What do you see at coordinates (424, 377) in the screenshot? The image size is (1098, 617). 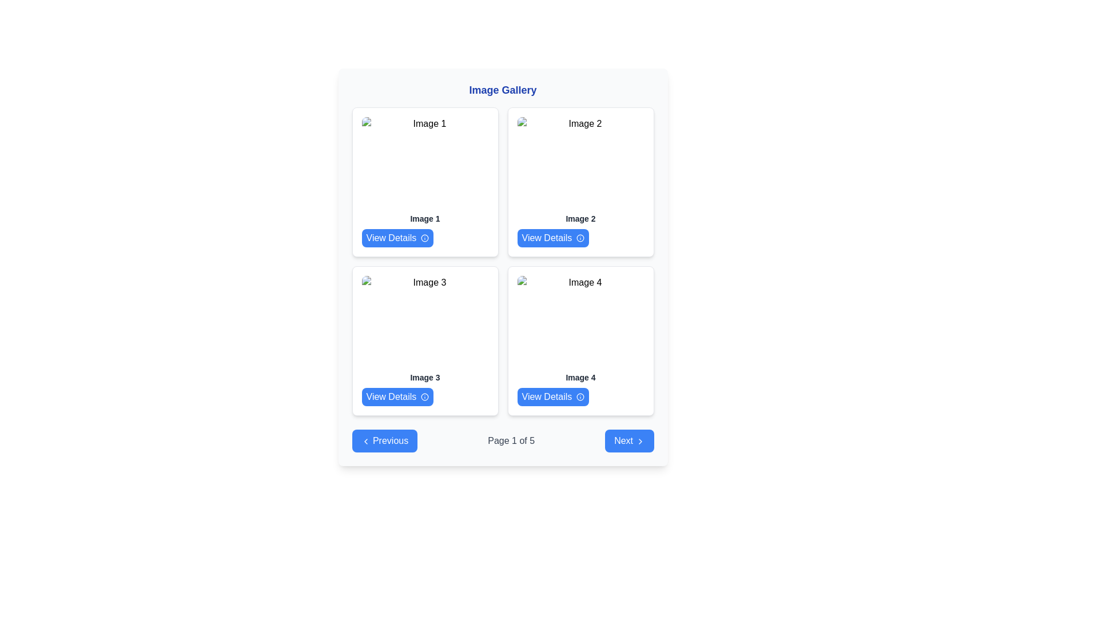 I see `the text label displaying 'Image 3', which is styled with a bold font and dark gray color, located below the image placeholder in a white card layout` at bounding box center [424, 377].